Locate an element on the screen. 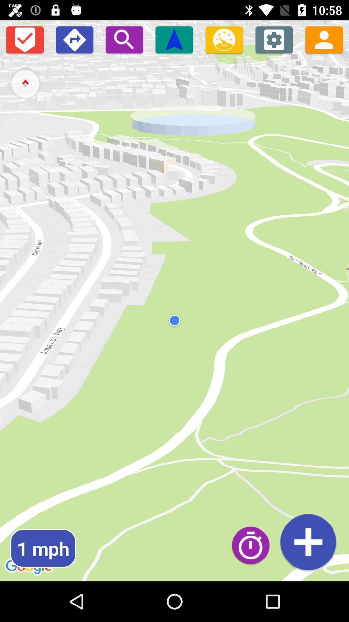 The width and height of the screenshot is (349, 622). profile is located at coordinates (324, 39).